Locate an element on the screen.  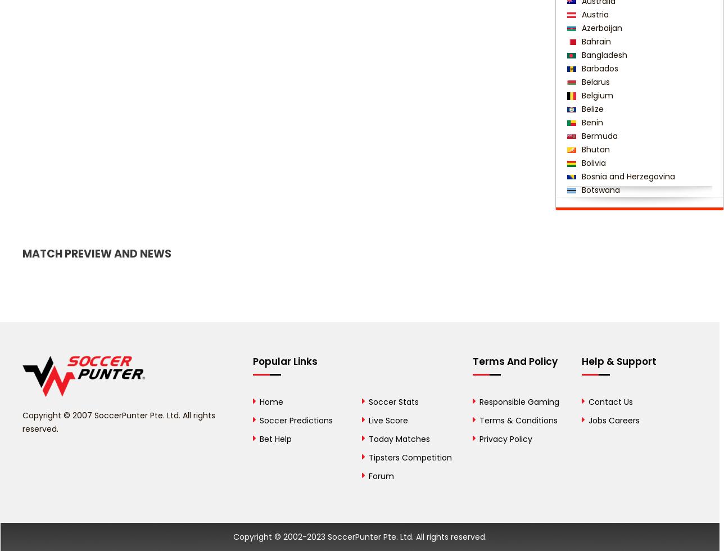
'Botswana' is located at coordinates (599, 190).